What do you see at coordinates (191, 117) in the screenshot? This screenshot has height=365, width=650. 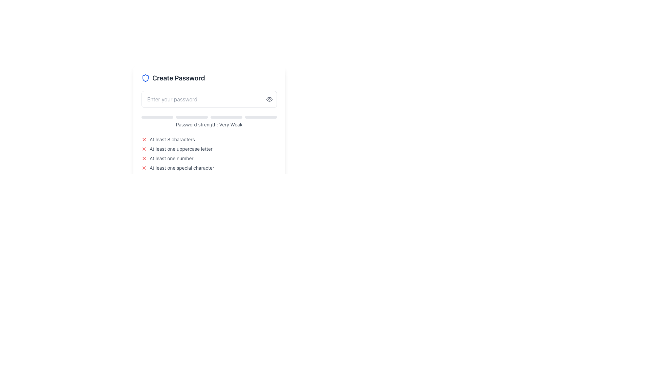 I see `the second segment of the password strength indicator, which visually represents the strength of the password entered above` at bounding box center [191, 117].